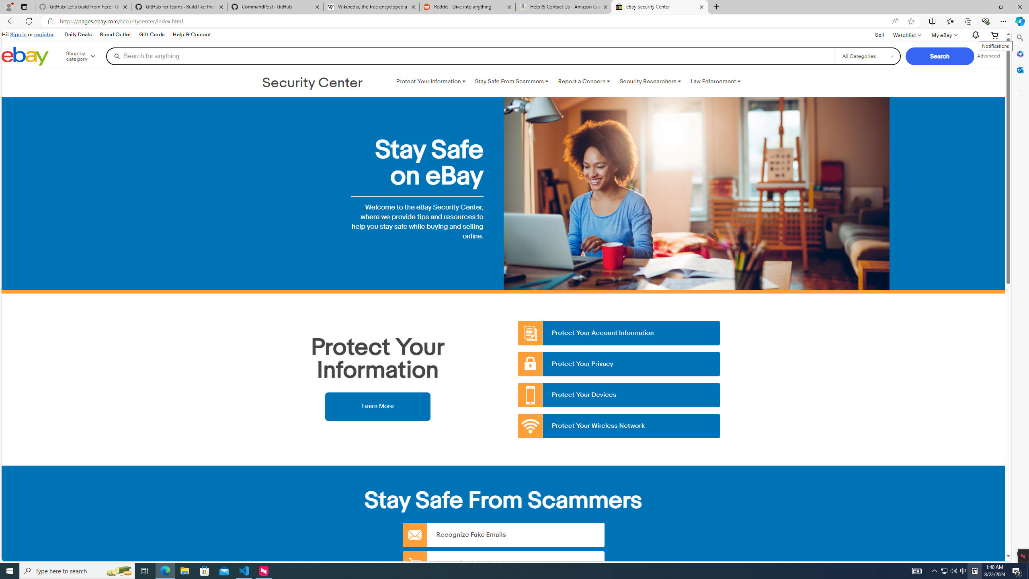 This screenshot has width=1029, height=579. Describe the element at coordinates (503, 563) in the screenshot. I see `'Recognize Fake Web Pages'` at that location.